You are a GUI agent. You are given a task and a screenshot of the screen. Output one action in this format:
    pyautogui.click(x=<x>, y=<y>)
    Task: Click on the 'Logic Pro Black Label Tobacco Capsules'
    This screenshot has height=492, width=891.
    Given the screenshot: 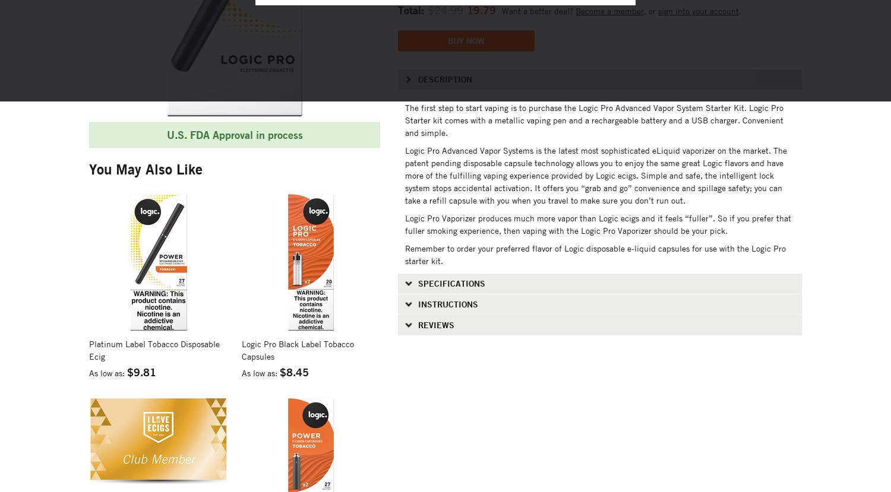 What is the action you would take?
    pyautogui.click(x=298, y=348)
    